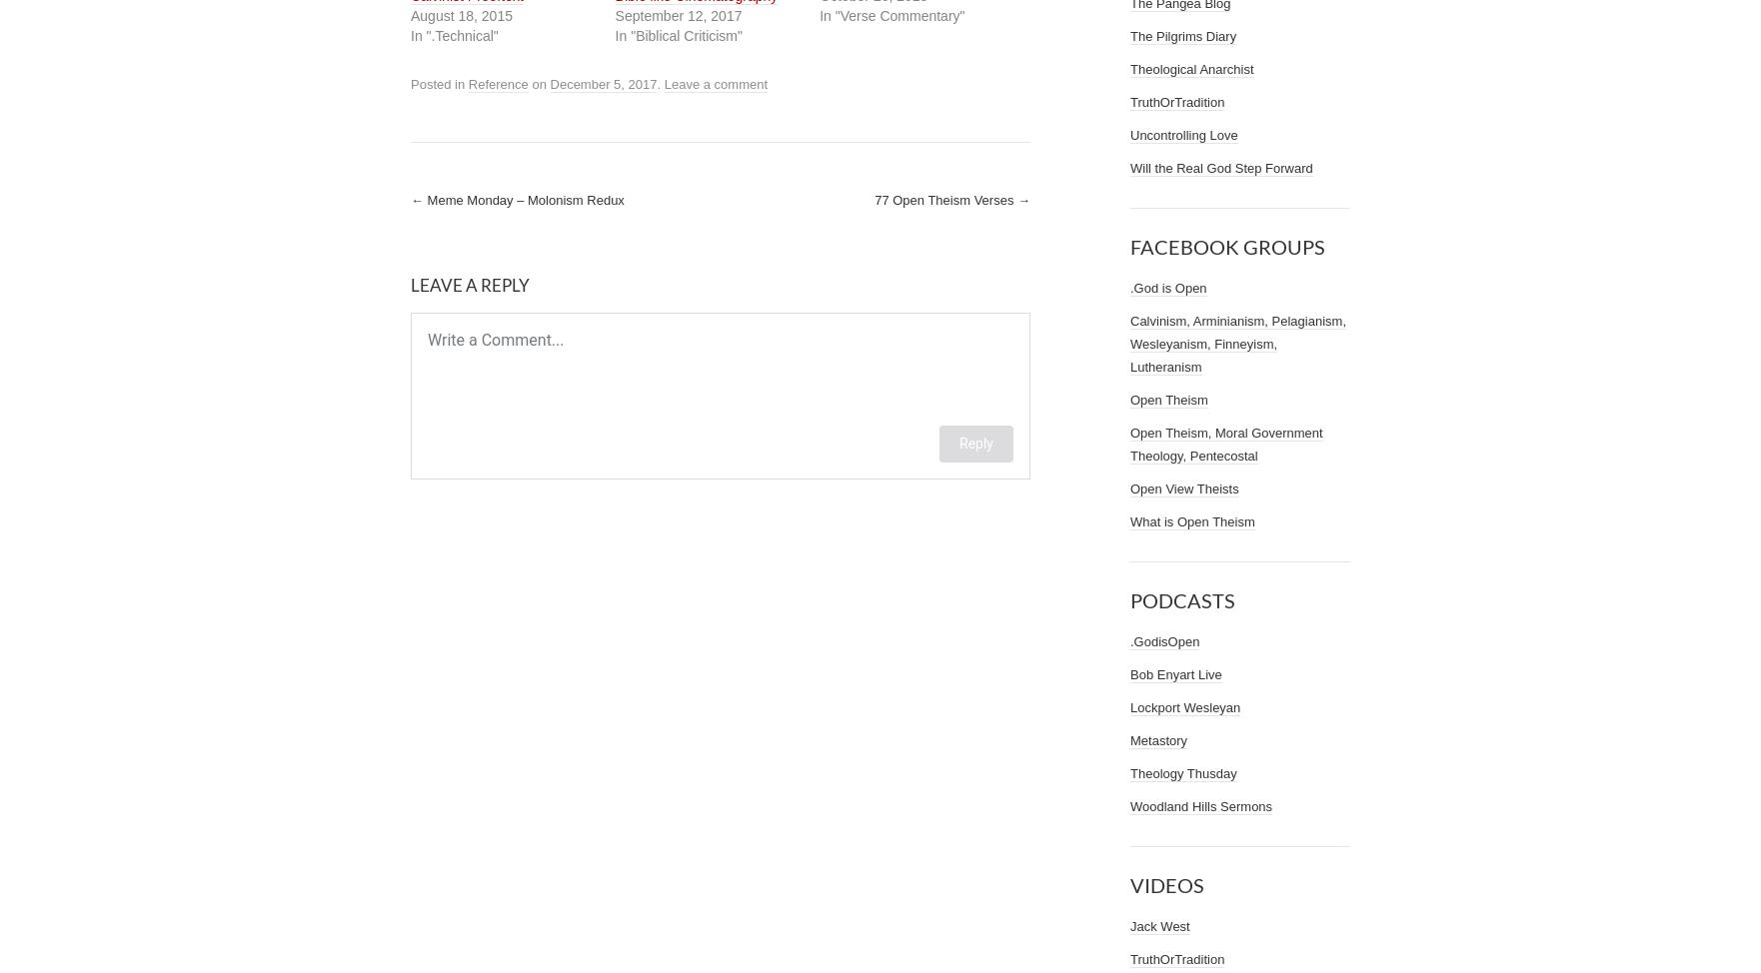  I want to click on 'Leave a comment', so click(715, 82).